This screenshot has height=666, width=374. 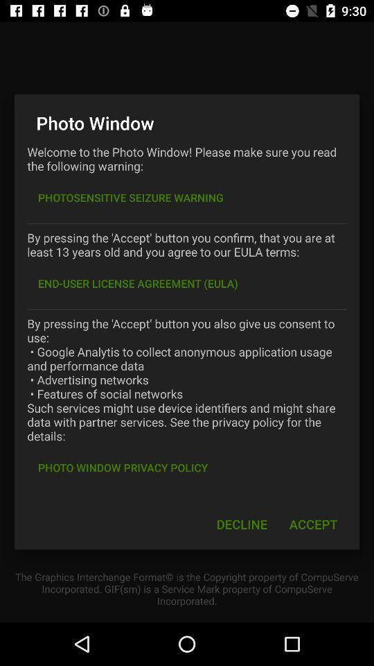 What do you see at coordinates (241, 523) in the screenshot?
I see `the decline icon` at bounding box center [241, 523].